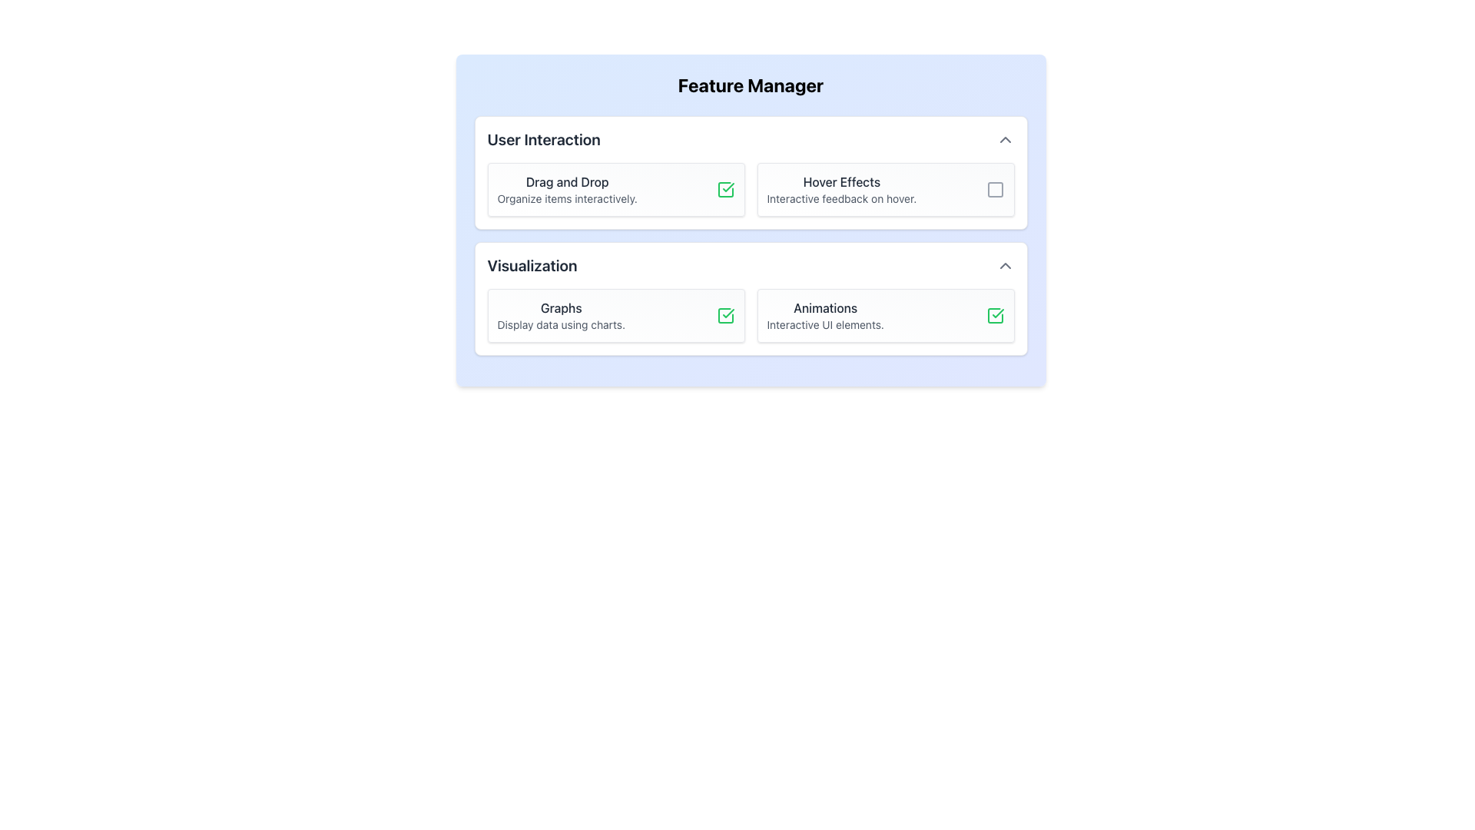 The image size is (1475, 830). What do you see at coordinates (566, 181) in the screenshot?
I see `text content of the label or title for the drag and drop functionality located in the top-left quadrant of the 'User Interaction' section in the 'Feature Manager' interface` at bounding box center [566, 181].